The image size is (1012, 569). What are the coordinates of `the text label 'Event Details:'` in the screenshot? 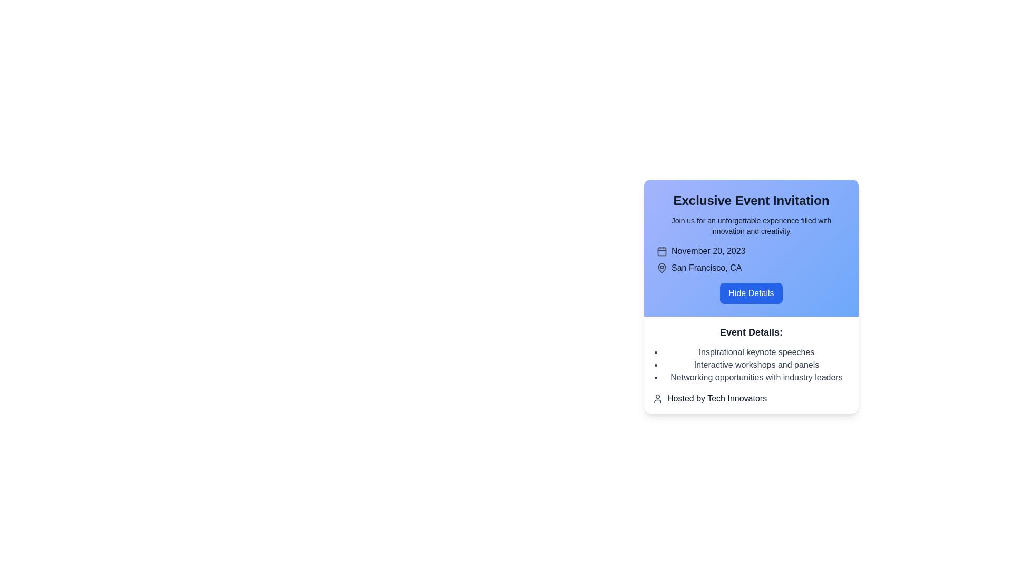 It's located at (751, 332).